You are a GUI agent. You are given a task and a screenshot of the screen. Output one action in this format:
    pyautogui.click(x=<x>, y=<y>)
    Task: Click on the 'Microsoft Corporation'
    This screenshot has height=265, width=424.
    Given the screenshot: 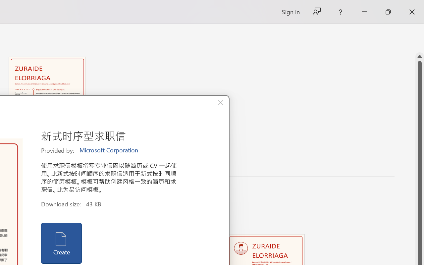 What is the action you would take?
    pyautogui.click(x=109, y=150)
    